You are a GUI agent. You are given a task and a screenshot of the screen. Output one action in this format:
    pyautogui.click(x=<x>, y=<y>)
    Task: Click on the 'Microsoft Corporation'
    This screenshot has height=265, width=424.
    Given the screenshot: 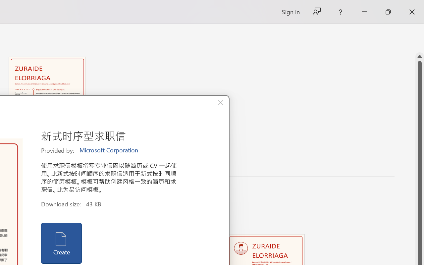 What is the action you would take?
    pyautogui.click(x=109, y=150)
    